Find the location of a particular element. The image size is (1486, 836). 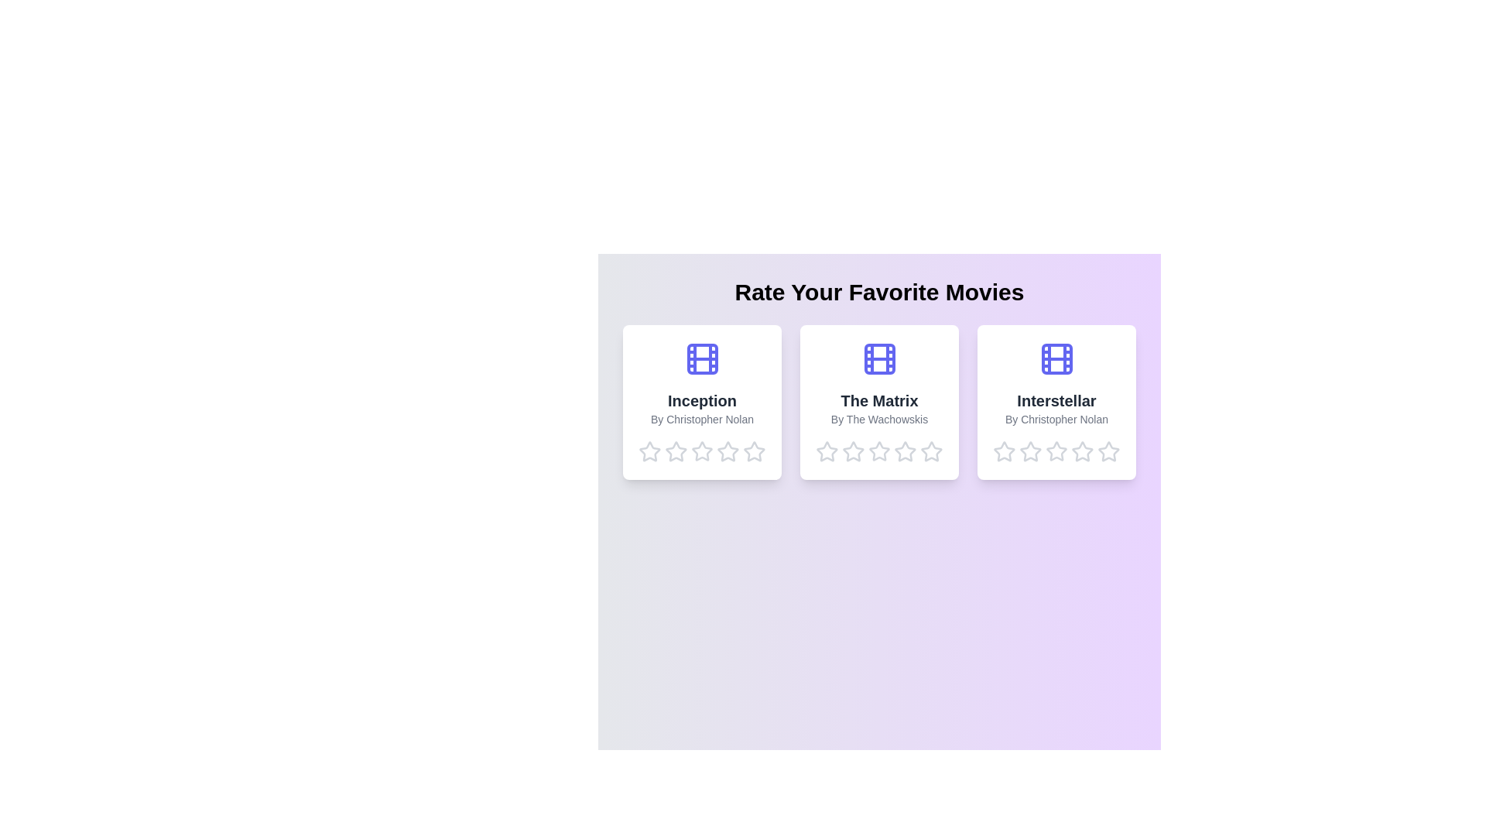

the star corresponding to 1 stars for the movie The Matrix is located at coordinates (826, 451).